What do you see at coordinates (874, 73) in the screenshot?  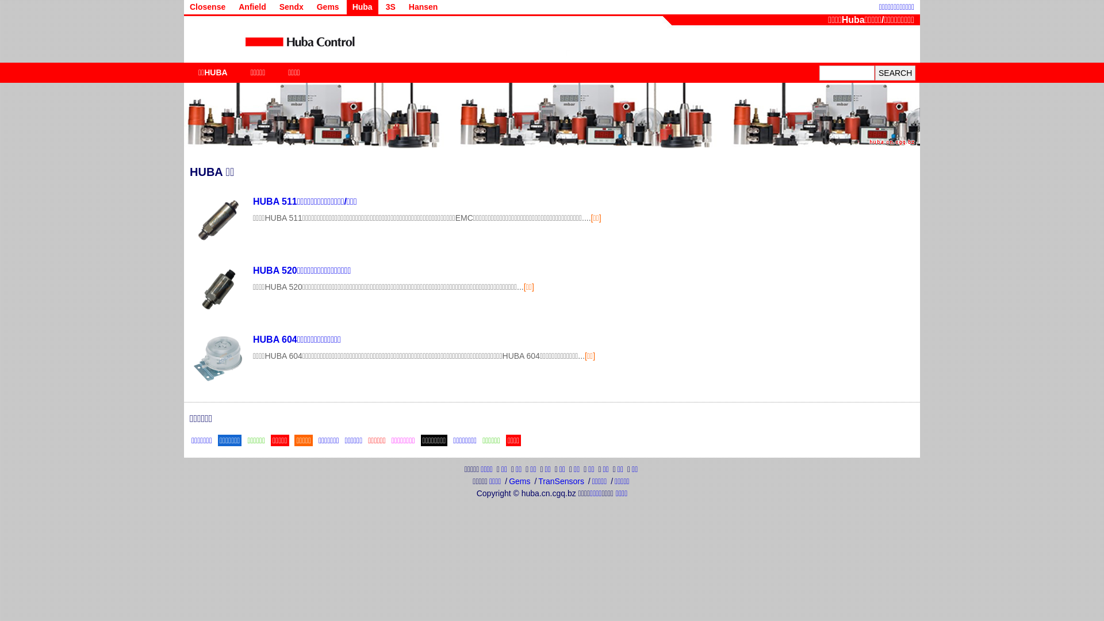 I see `'SEARCH'` at bounding box center [874, 73].